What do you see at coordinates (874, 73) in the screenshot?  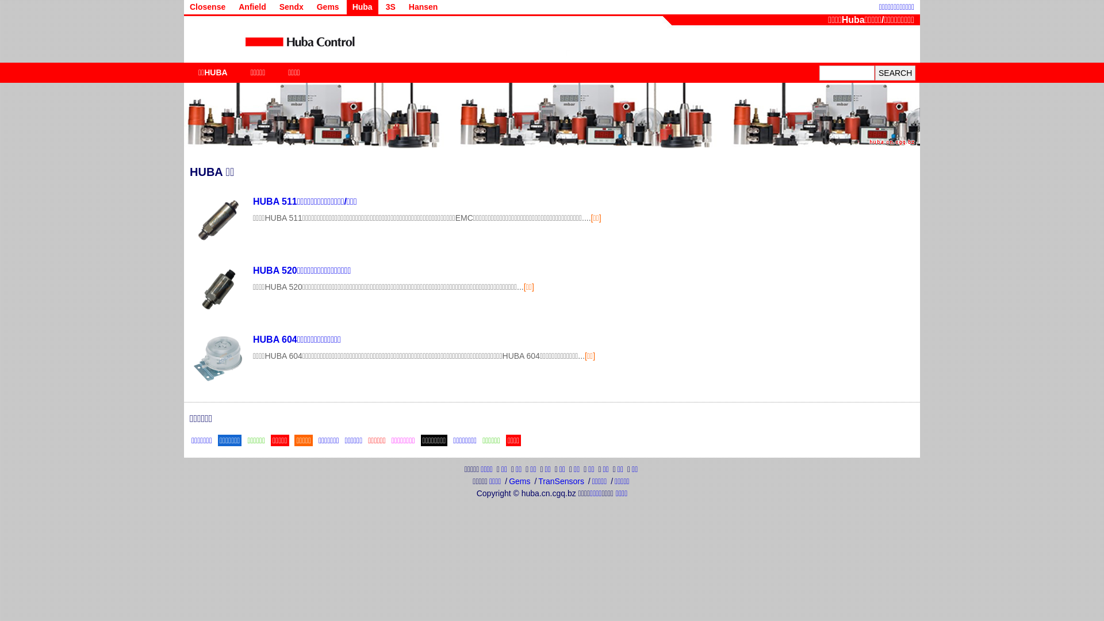 I see `'SEARCH'` at bounding box center [874, 73].